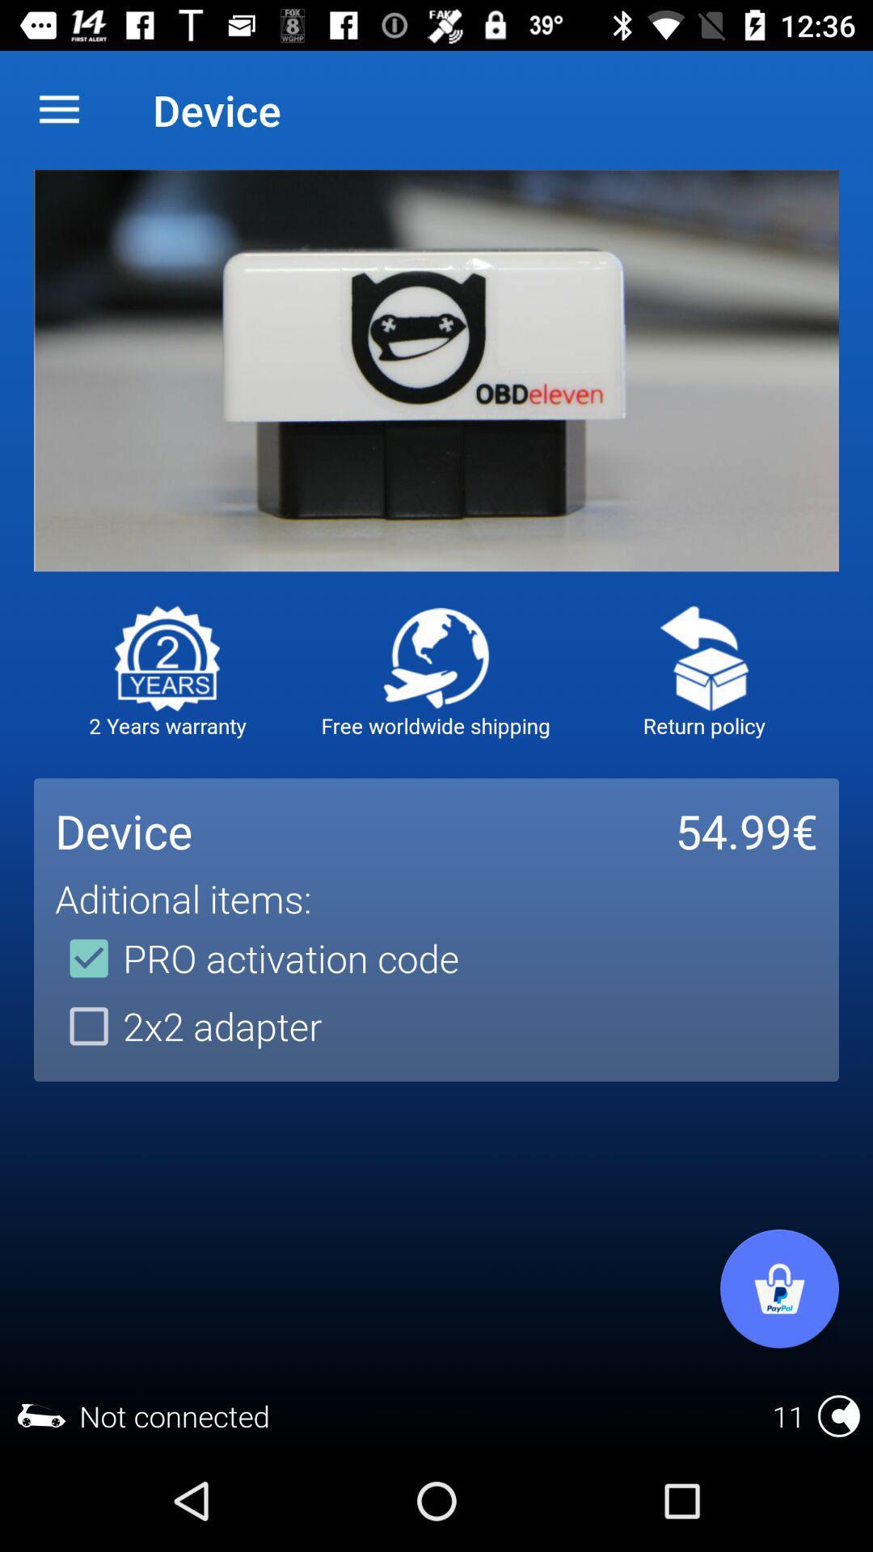 The width and height of the screenshot is (873, 1552). Describe the element at coordinates (435, 658) in the screenshot. I see `shipping options` at that location.